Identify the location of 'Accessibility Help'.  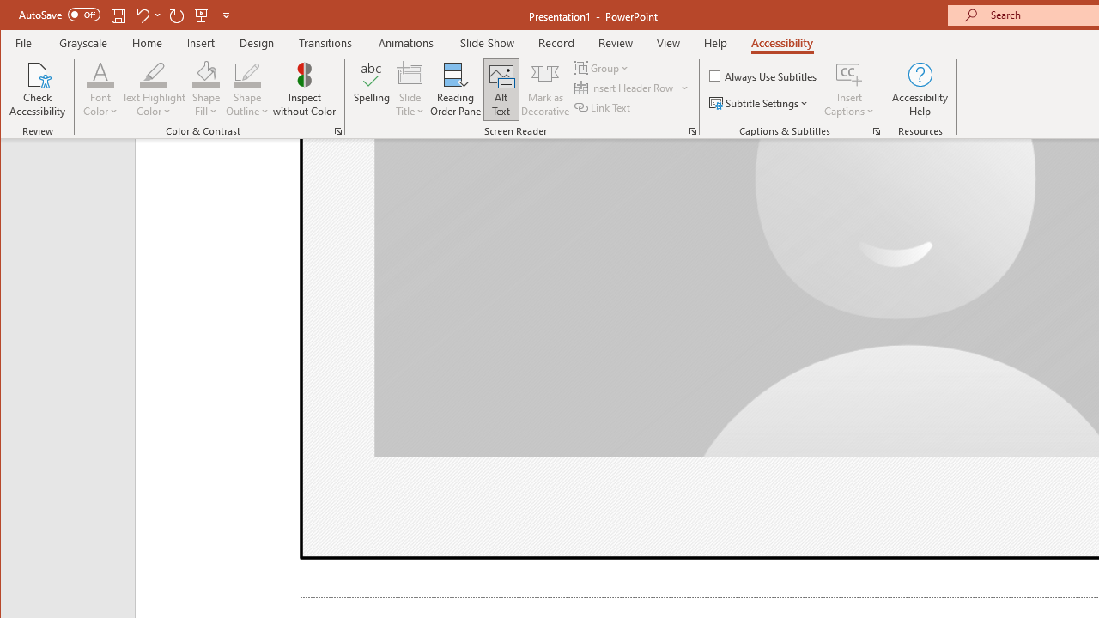
(920, 89).